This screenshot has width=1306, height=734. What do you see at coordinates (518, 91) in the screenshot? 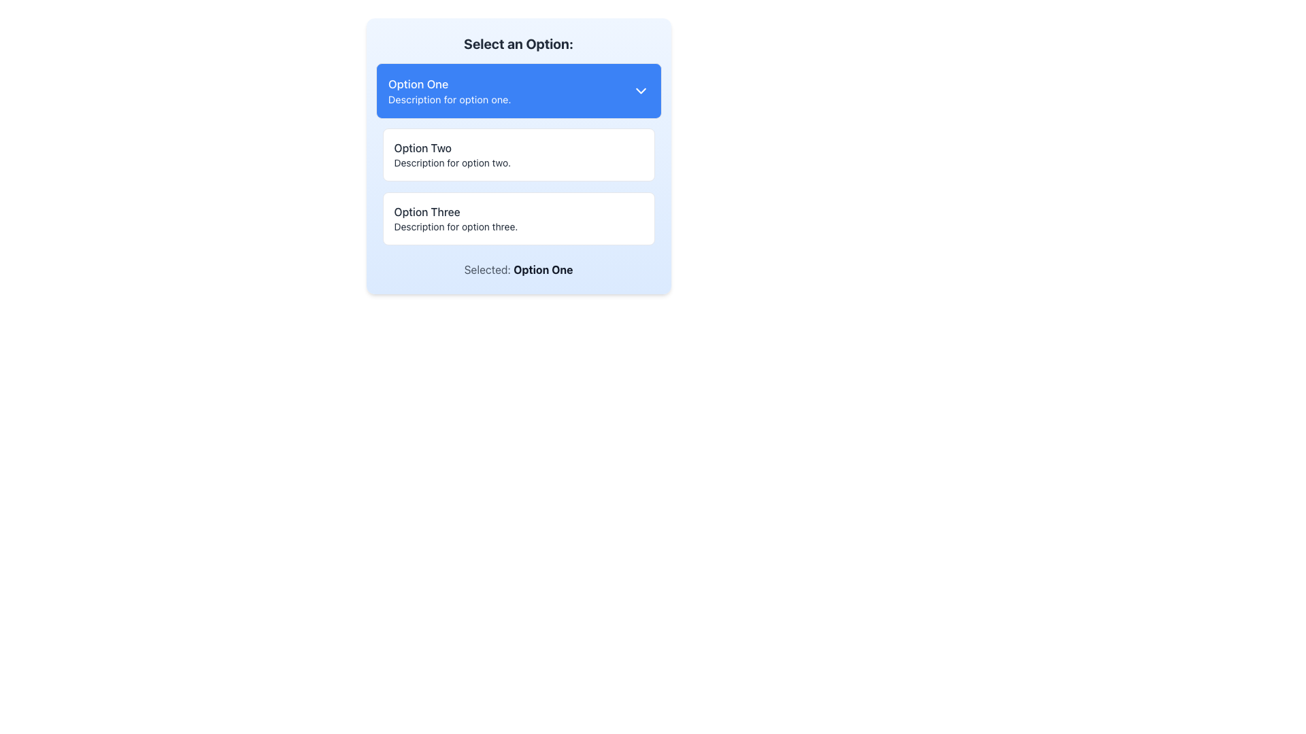
I see `the blue button labeled 'Option One' with a downward arrow` at bounding box center [518, 91].